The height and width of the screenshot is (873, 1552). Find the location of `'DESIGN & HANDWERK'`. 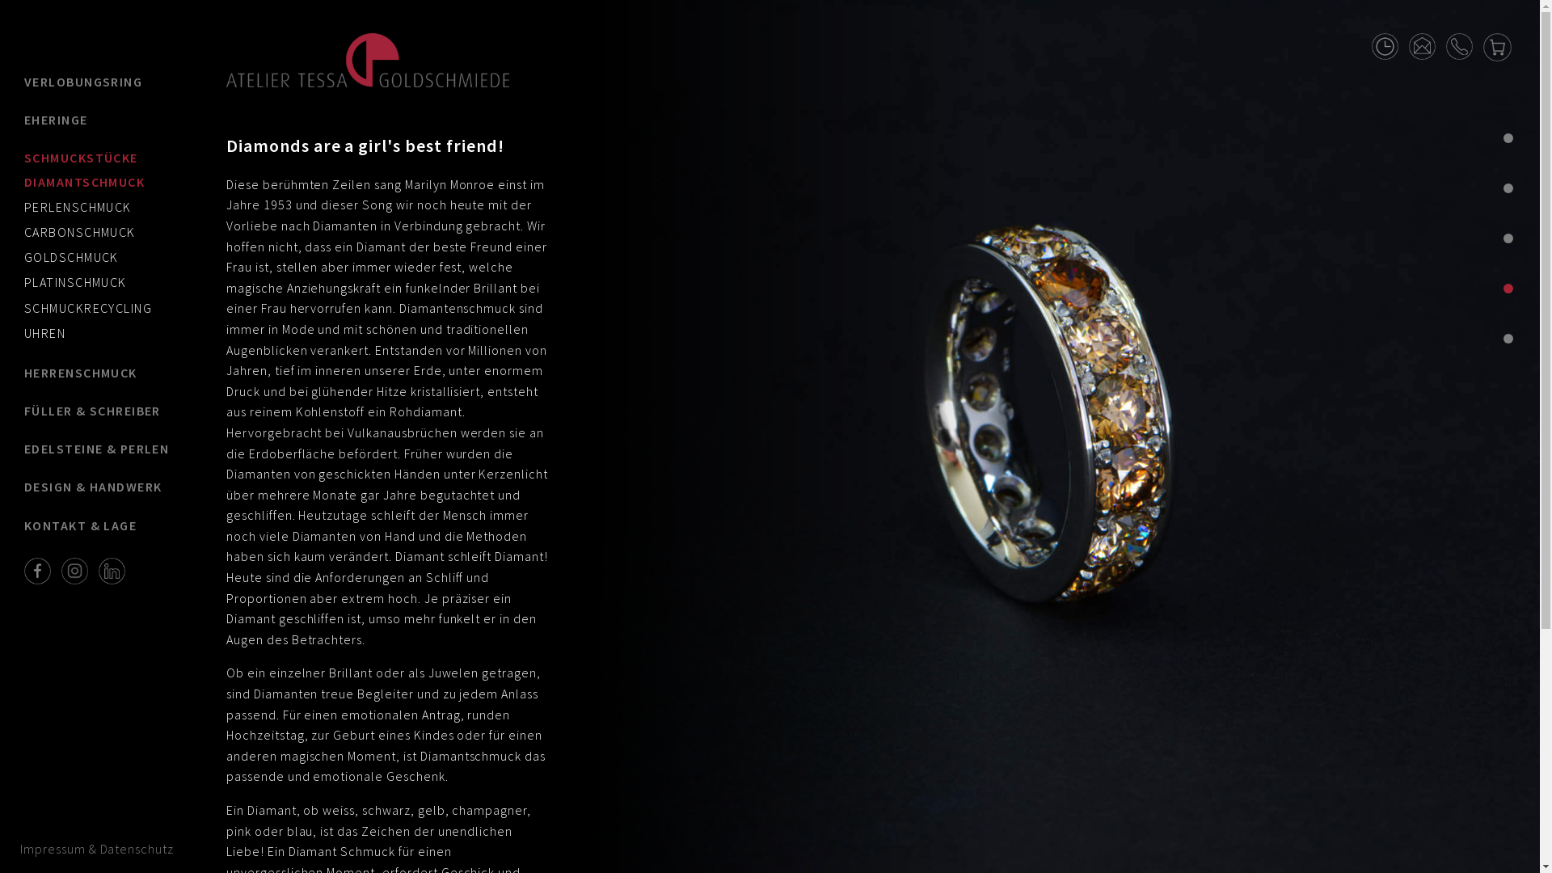

'DESIGN & HANDWERK' is located at coordinates (97, 486).